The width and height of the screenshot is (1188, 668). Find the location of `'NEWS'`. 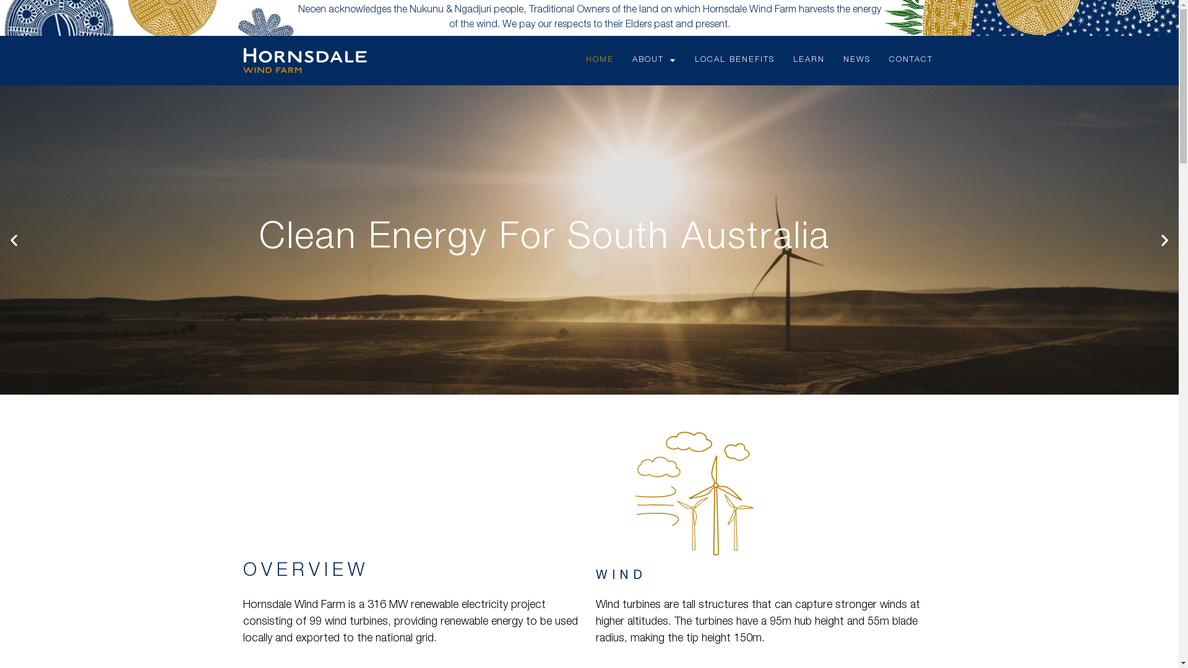

'NEWS' is located at coordinates (834, 60).